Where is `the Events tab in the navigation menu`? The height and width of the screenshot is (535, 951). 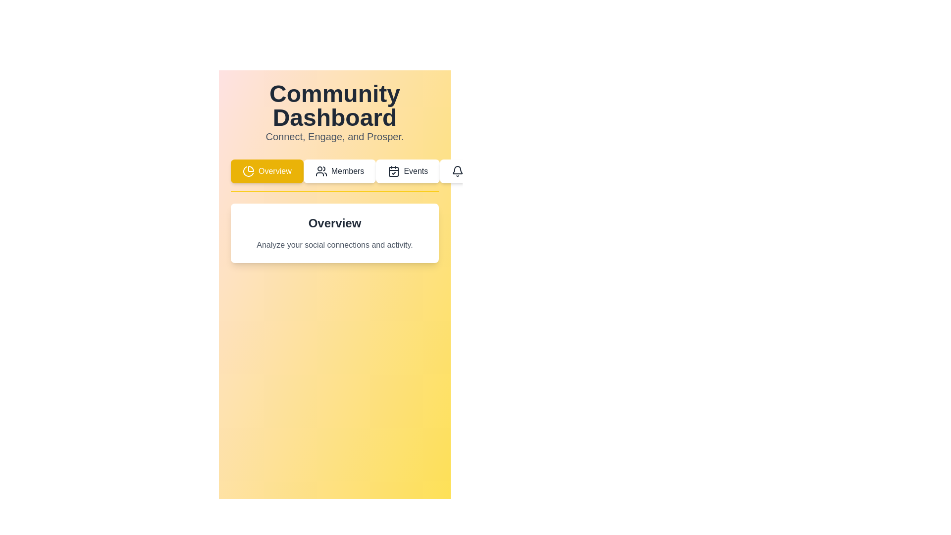 the Events tab in the navigation menu is located at coordinates (408, 171).